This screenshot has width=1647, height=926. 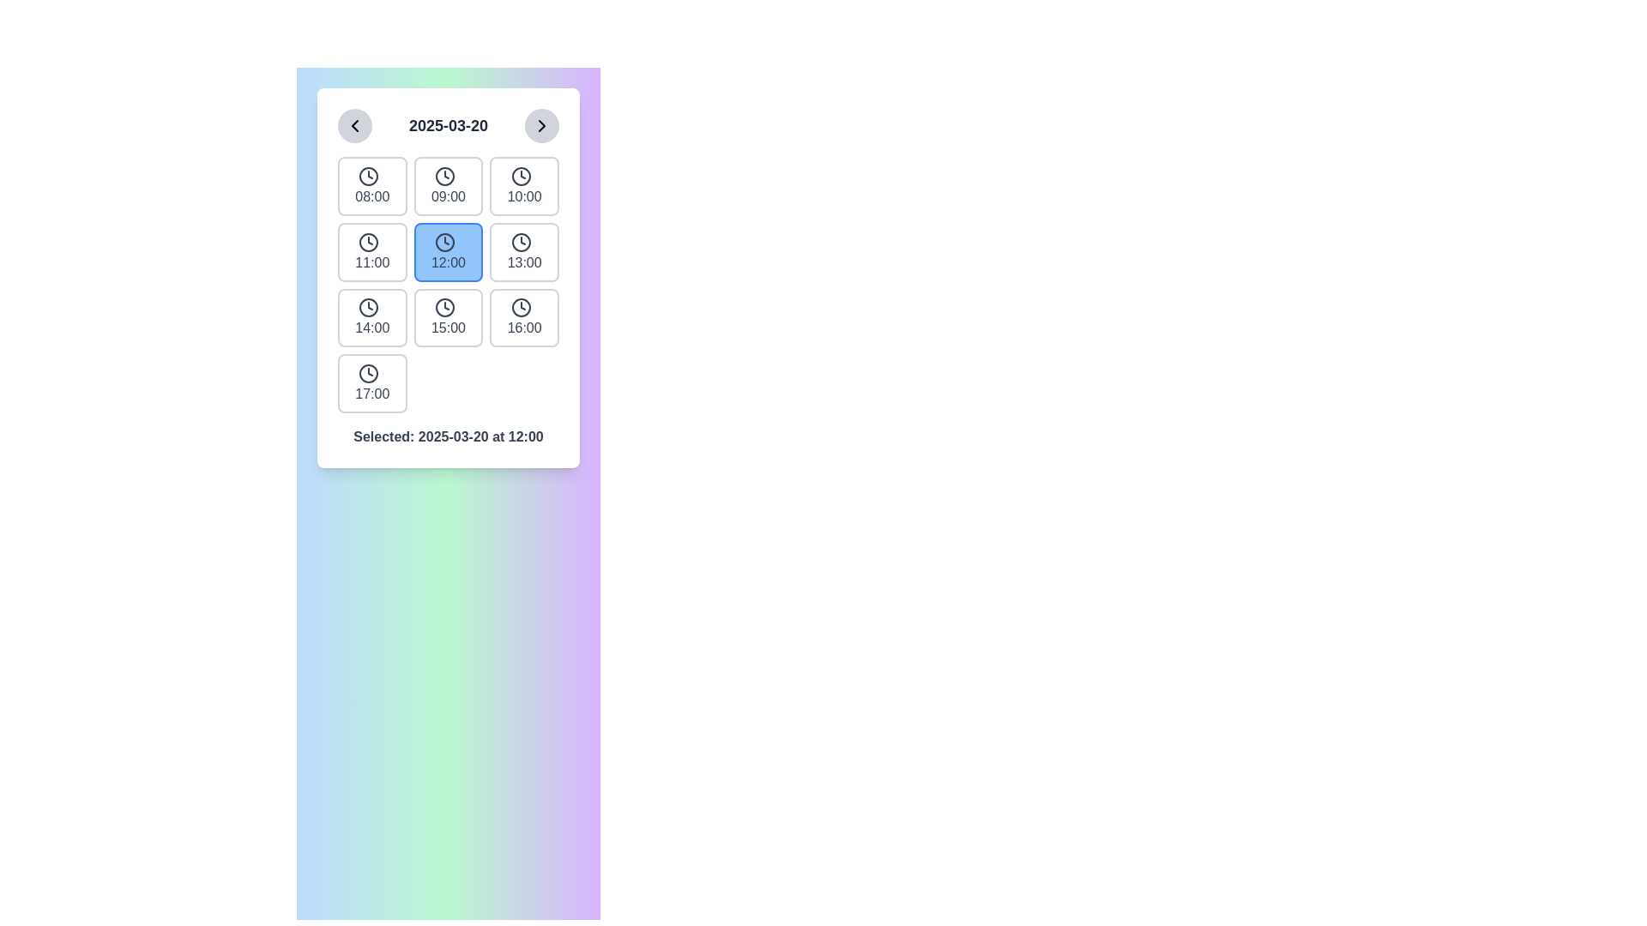 I want to click on the chevron-shaped SVG icon located in the top-right corner of the calendar interface, so click(x=541, y=124).